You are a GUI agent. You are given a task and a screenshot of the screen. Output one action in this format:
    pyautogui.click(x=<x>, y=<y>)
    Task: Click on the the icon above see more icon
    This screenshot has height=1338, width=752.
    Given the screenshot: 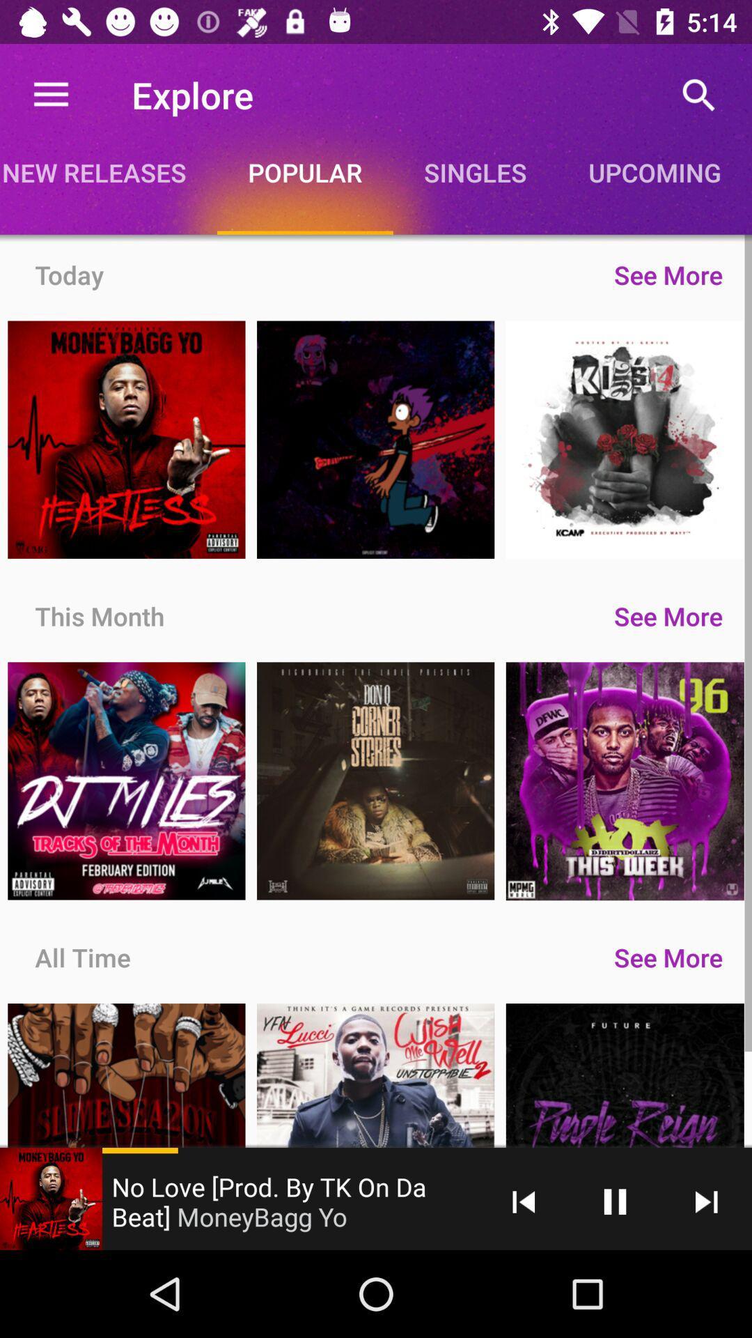 What is the action you would take?
    pyautogui.click(x=655, y=171)
    